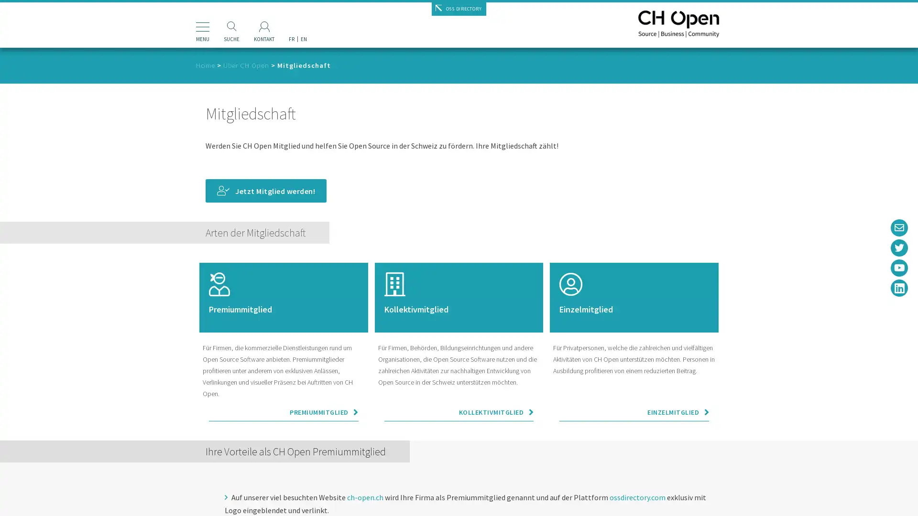 Image resolution: width=918 pixels, height=516 pixels. What do you see at coordinates (458, 414) in the screenshot?
I see `KOLLEKTIVMITGLIED` at bounding box center [458, 414].